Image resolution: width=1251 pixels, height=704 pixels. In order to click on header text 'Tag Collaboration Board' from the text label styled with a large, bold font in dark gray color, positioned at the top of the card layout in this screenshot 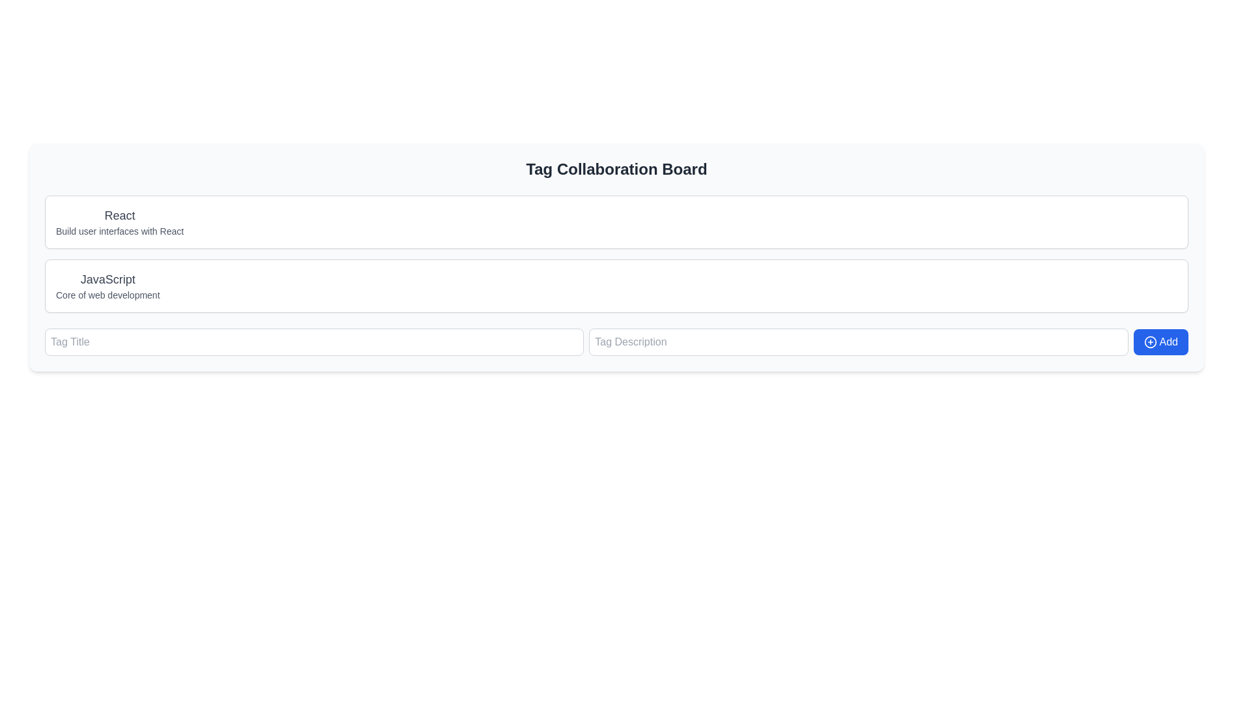, I will do `click(616, 168)`.